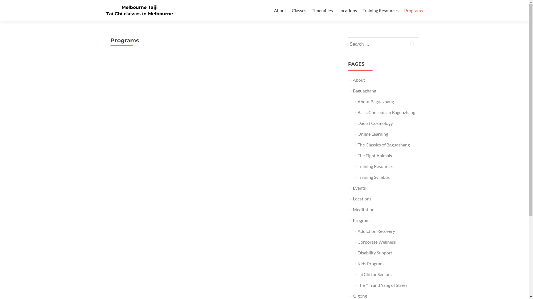 The width and height of the screenshot is (533, 299). What do you see at coordinates (298, 10) in the screenshot?
I see `'Classes'` at bounding box center [298, 10].